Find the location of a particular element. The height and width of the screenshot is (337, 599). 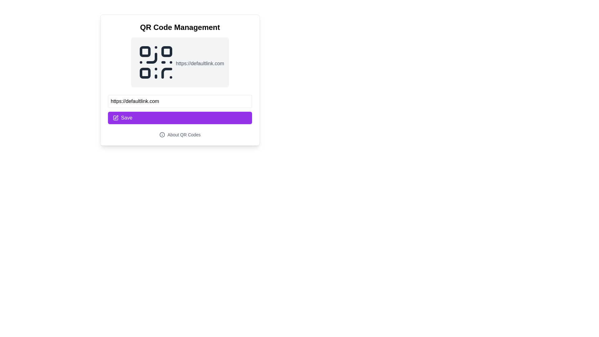

the decorative graphical component located in the top-left corner of the QR code representation is located at coordinates (145, 51).